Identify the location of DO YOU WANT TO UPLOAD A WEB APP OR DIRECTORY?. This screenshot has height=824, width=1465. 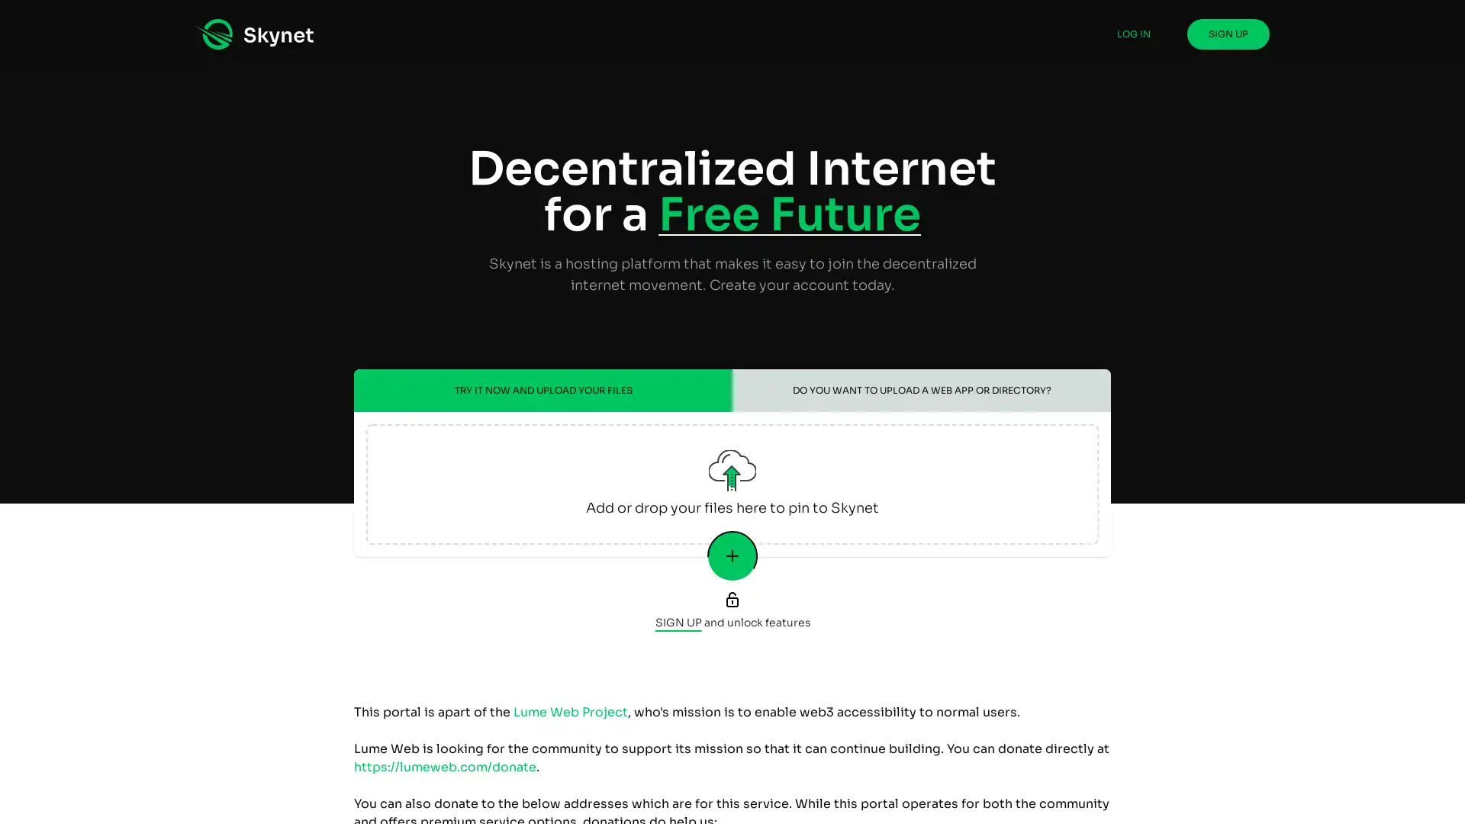
(921, 390).